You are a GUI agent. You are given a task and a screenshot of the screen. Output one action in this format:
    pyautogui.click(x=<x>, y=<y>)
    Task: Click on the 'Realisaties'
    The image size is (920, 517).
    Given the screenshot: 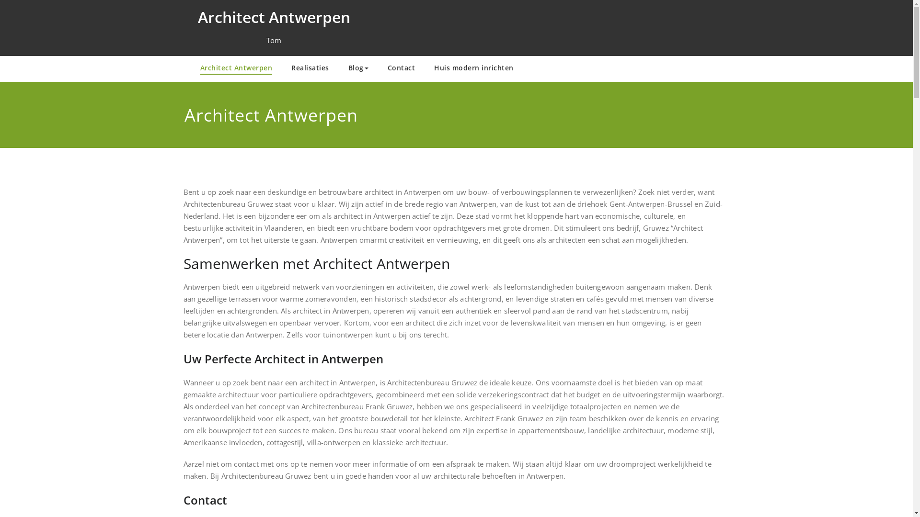 What is the action you would take?
    pyautogui.click(x=310, y=68)
    